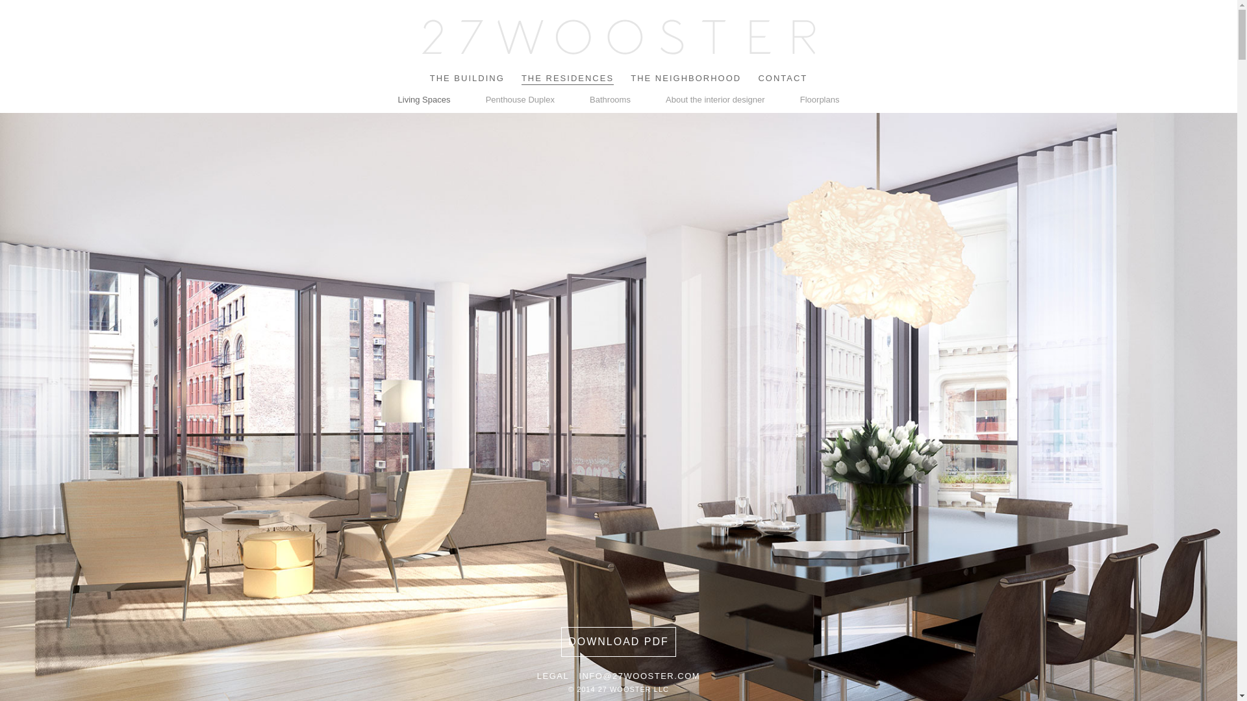 The image size is (1247, 701). Describe the element at coordinates (630, 78) in the screenshot. I see `'THE NEIGHBORHOOD'` at that location.